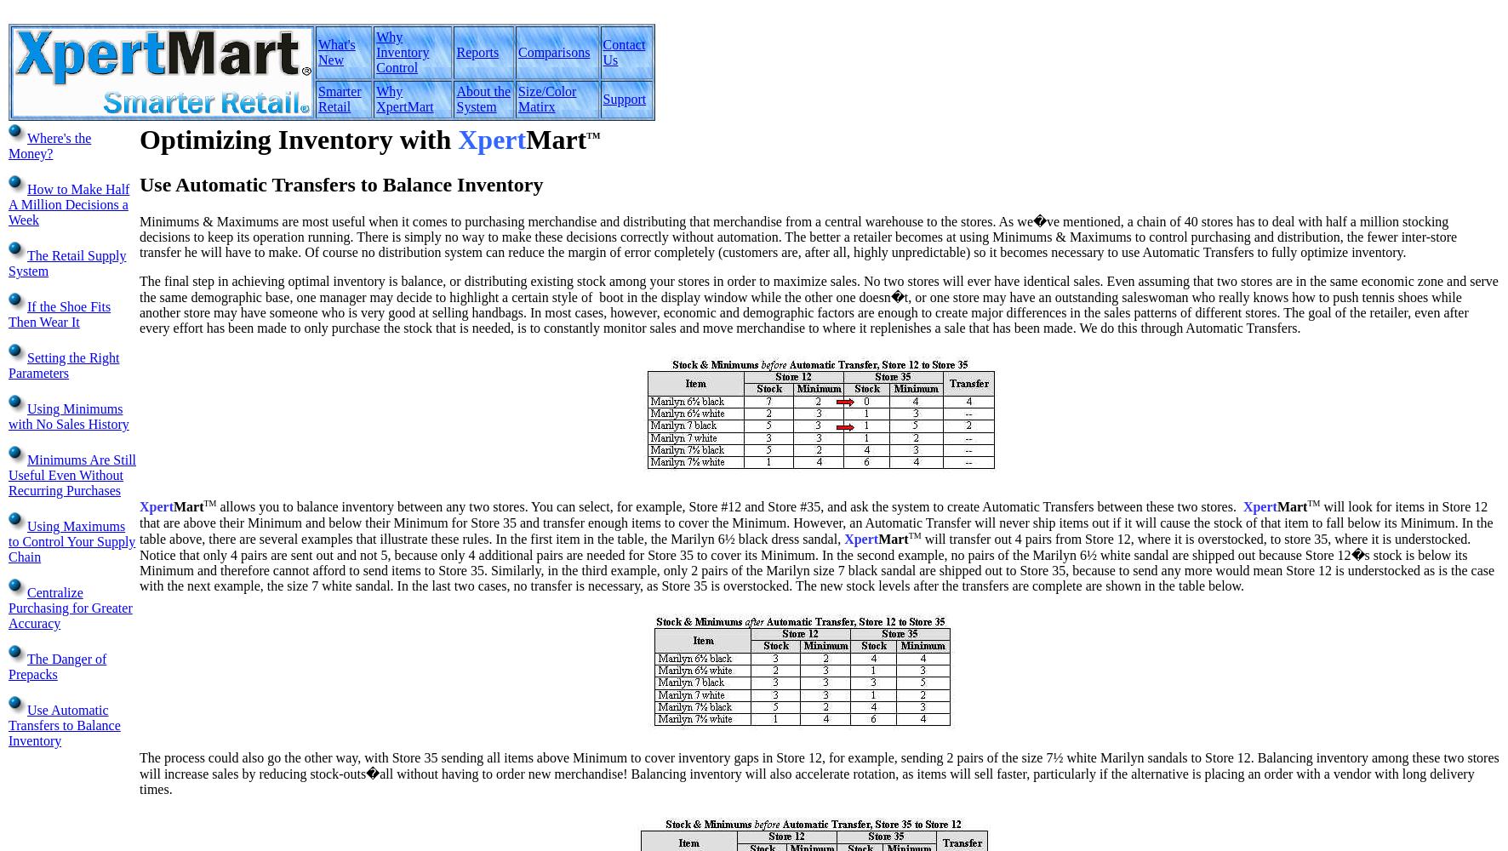 Image resolution: width=1508 pixels, height=851 pixels. I want to click on 'allows you to balance inventory between any two stores. You can select,
for example, Store #12 and Store #35, and ask the system to create Automatic
Transfers between these two stores.', so click(728, 505).